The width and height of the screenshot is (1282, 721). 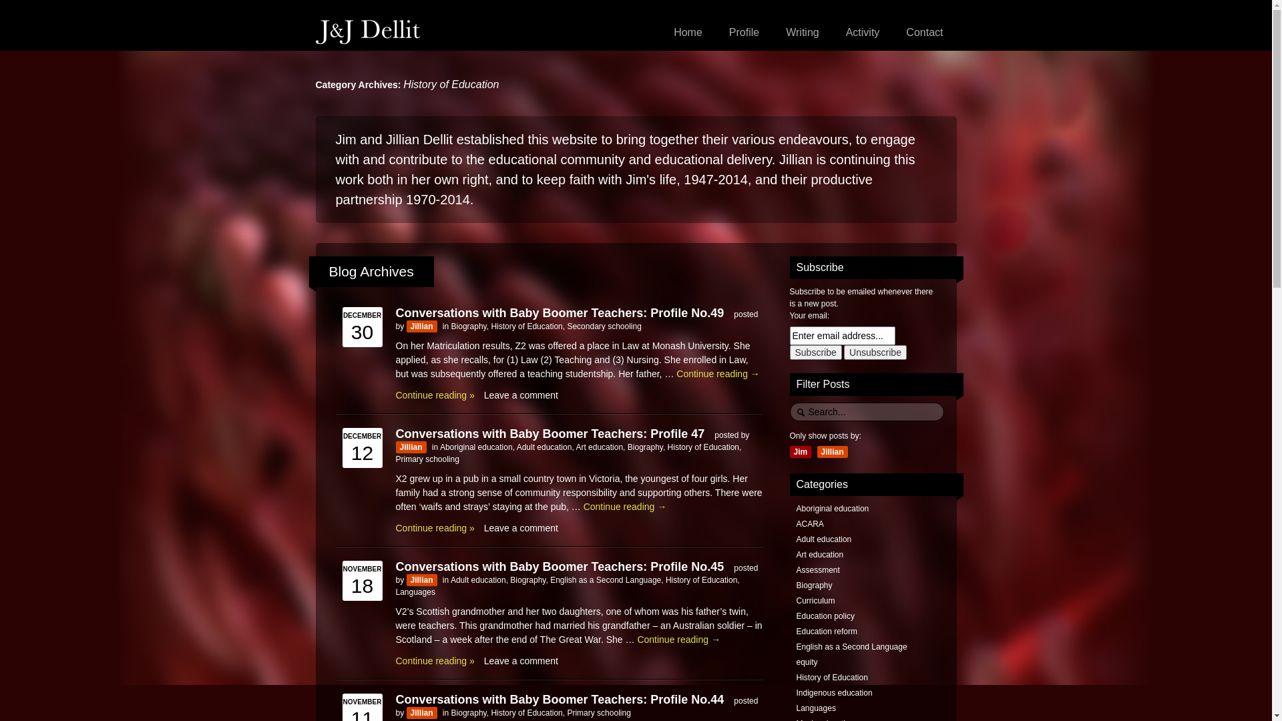 I want to click on 'Unsubscribe', so click(x=875, y=352).